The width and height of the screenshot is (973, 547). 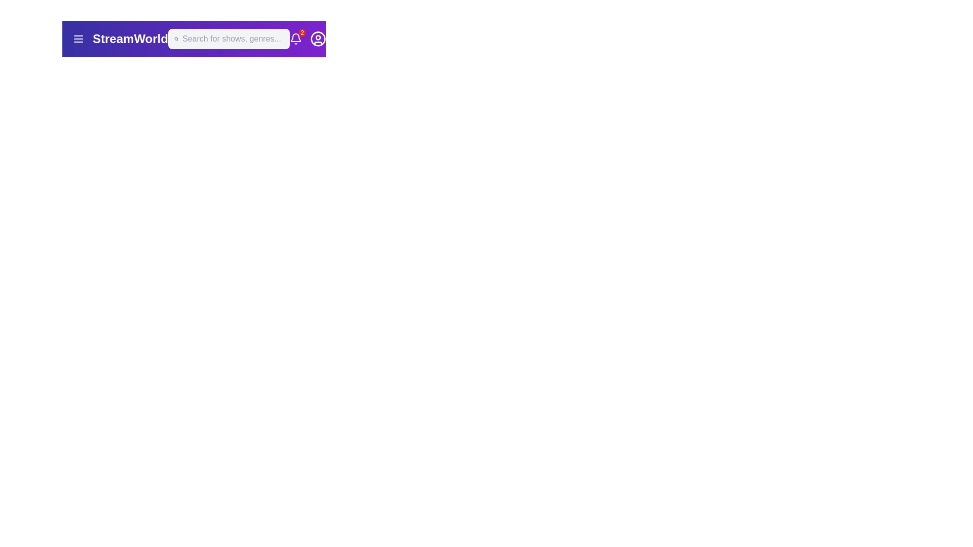 I want to click on displayed number on the Notification counter located at the top-right corner of the bell icon in the header bar, so click(x=295, y=38).